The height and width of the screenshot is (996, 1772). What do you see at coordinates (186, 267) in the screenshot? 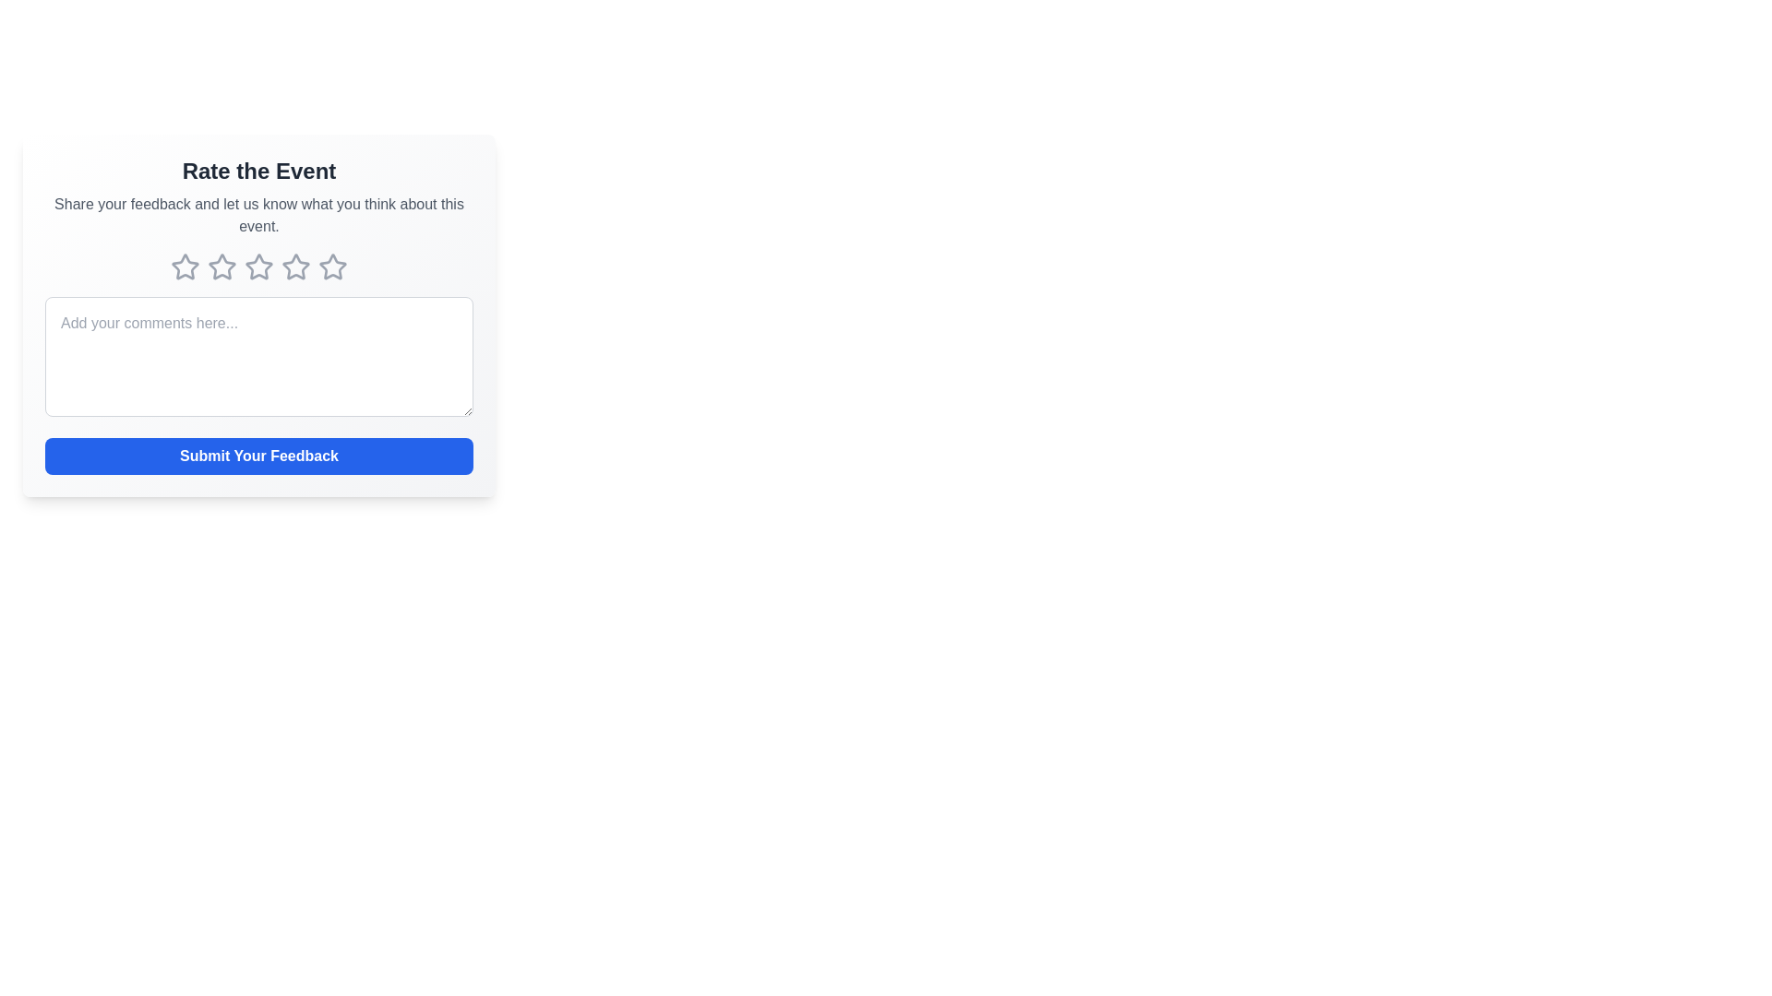
I see `the first star rating button, which is a star-shaped icon with a gray outline, located directly below the title 'Rate the Event'` at bounding box center [186, 267].